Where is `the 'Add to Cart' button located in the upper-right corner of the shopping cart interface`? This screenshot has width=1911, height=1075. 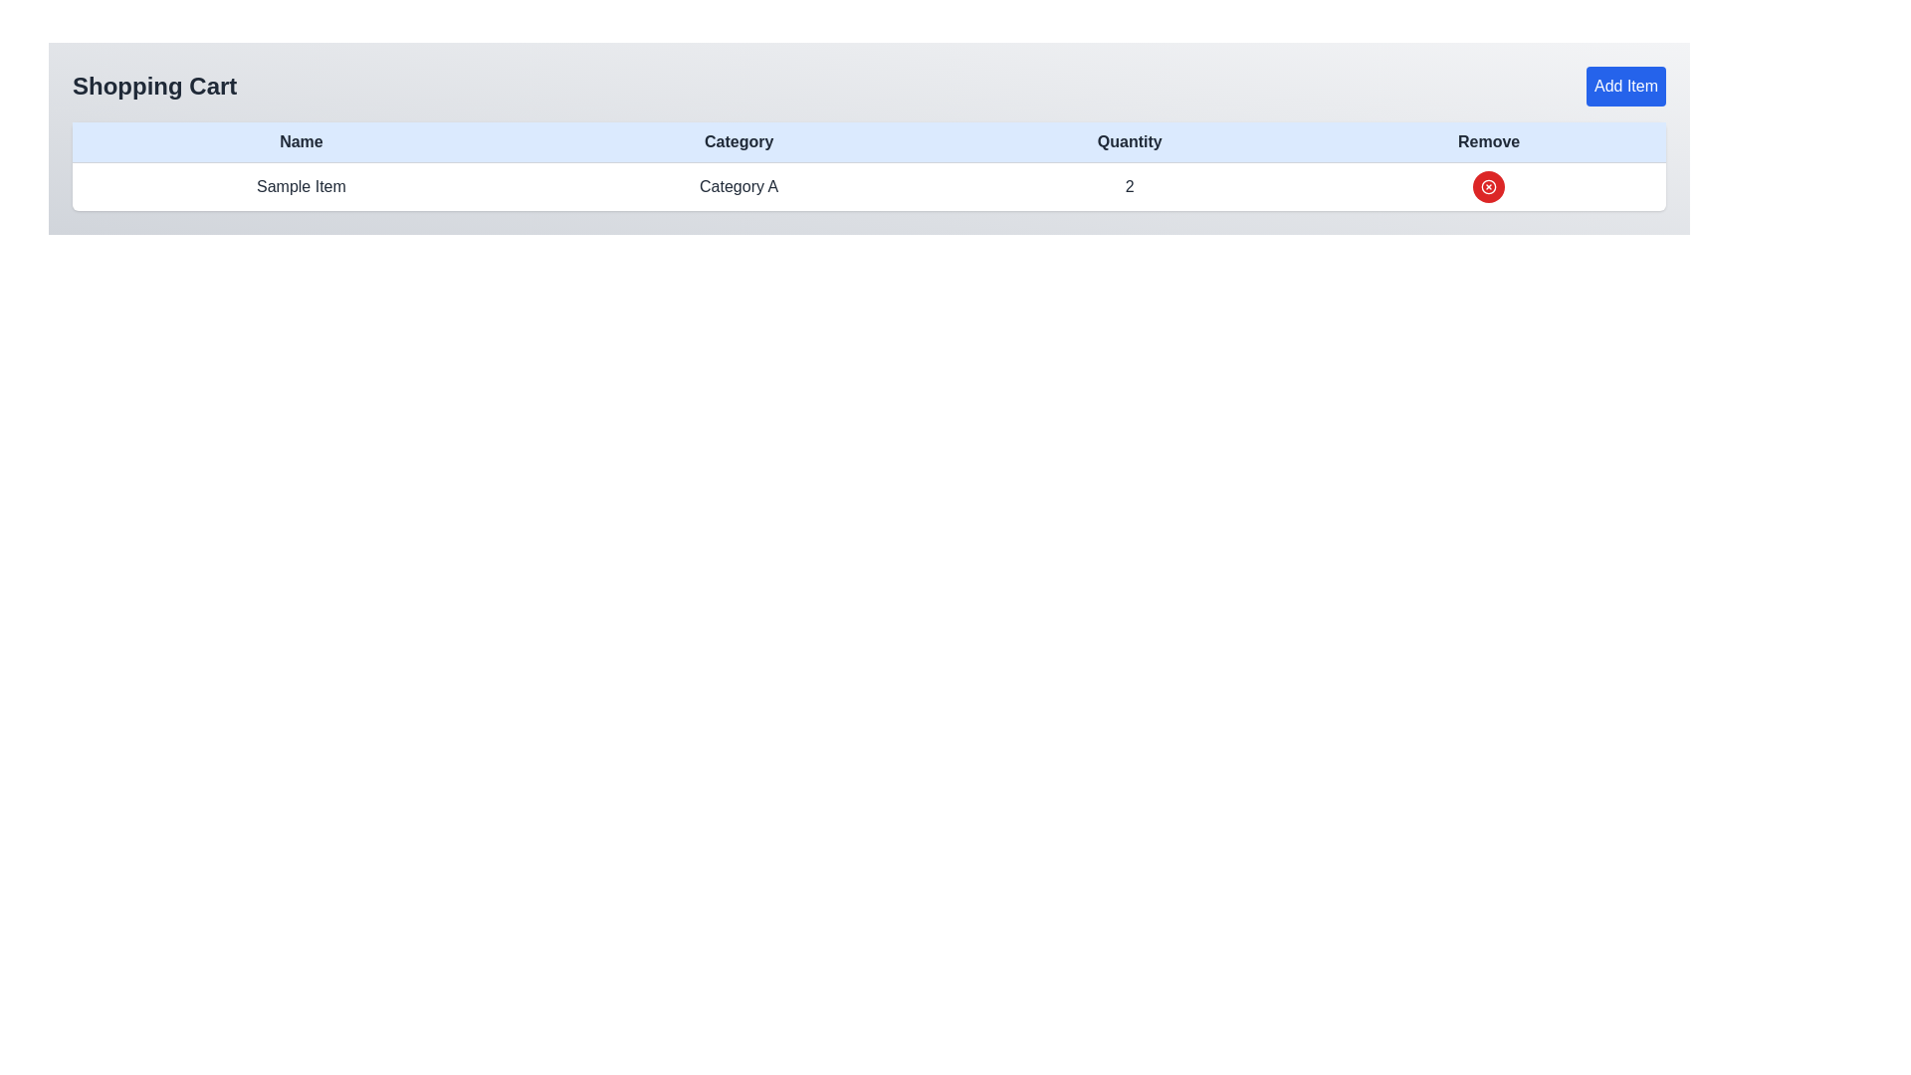
the 'Add to Cart' button located in the upper-right corner of the shopping cart interface is located at coordinates (1625, 86).